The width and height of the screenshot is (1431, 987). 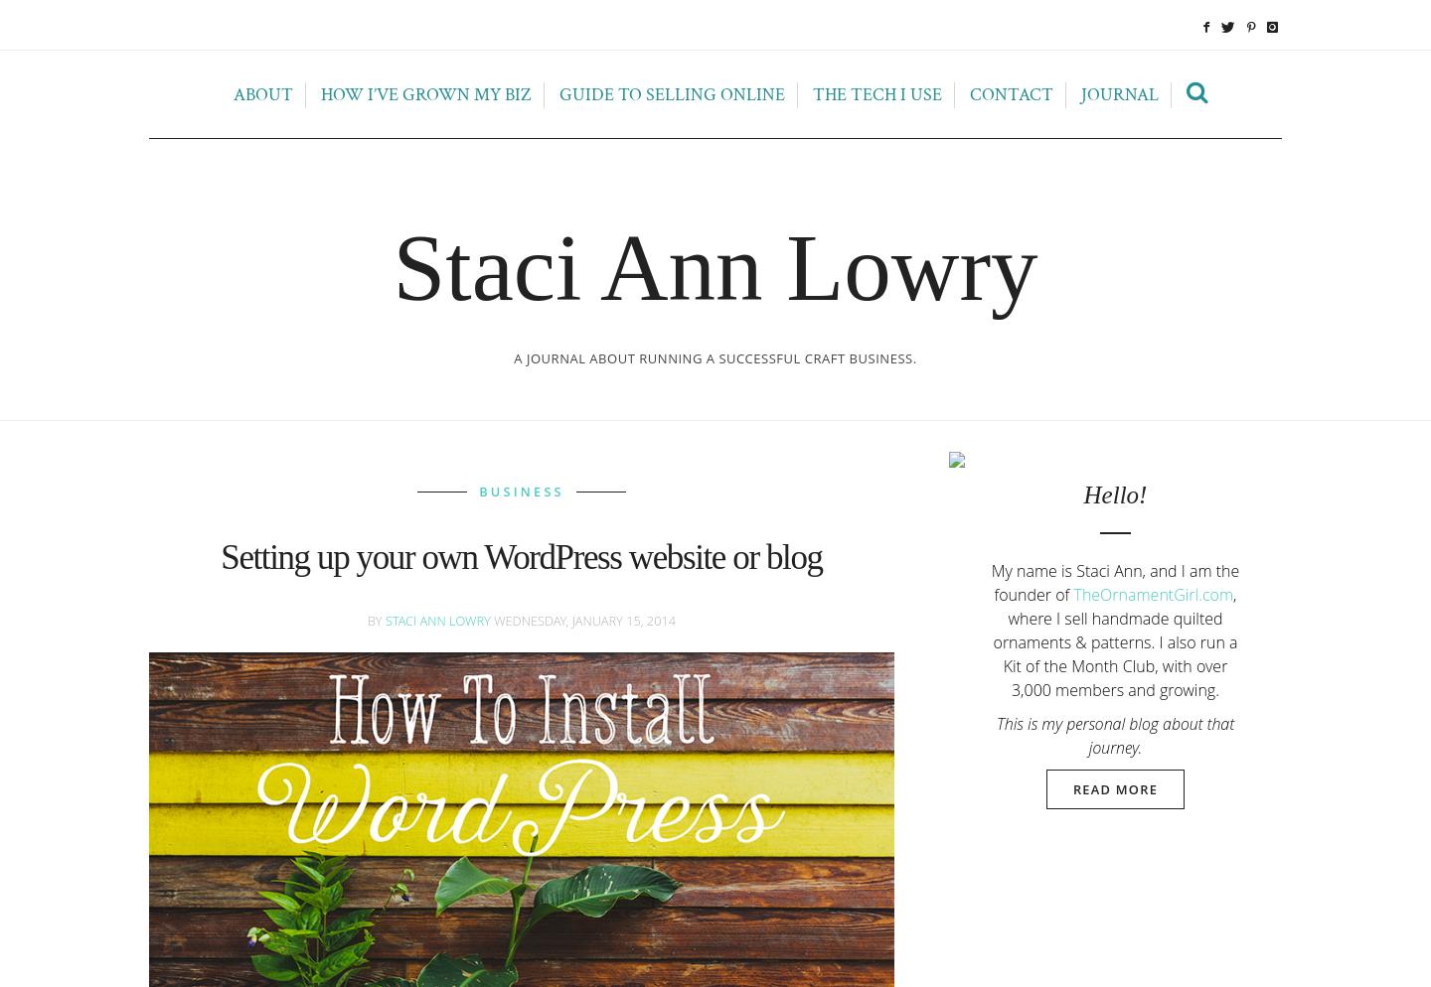 I want to click on 'A journal about running a successful craft business.', so click(x=715, y=358).